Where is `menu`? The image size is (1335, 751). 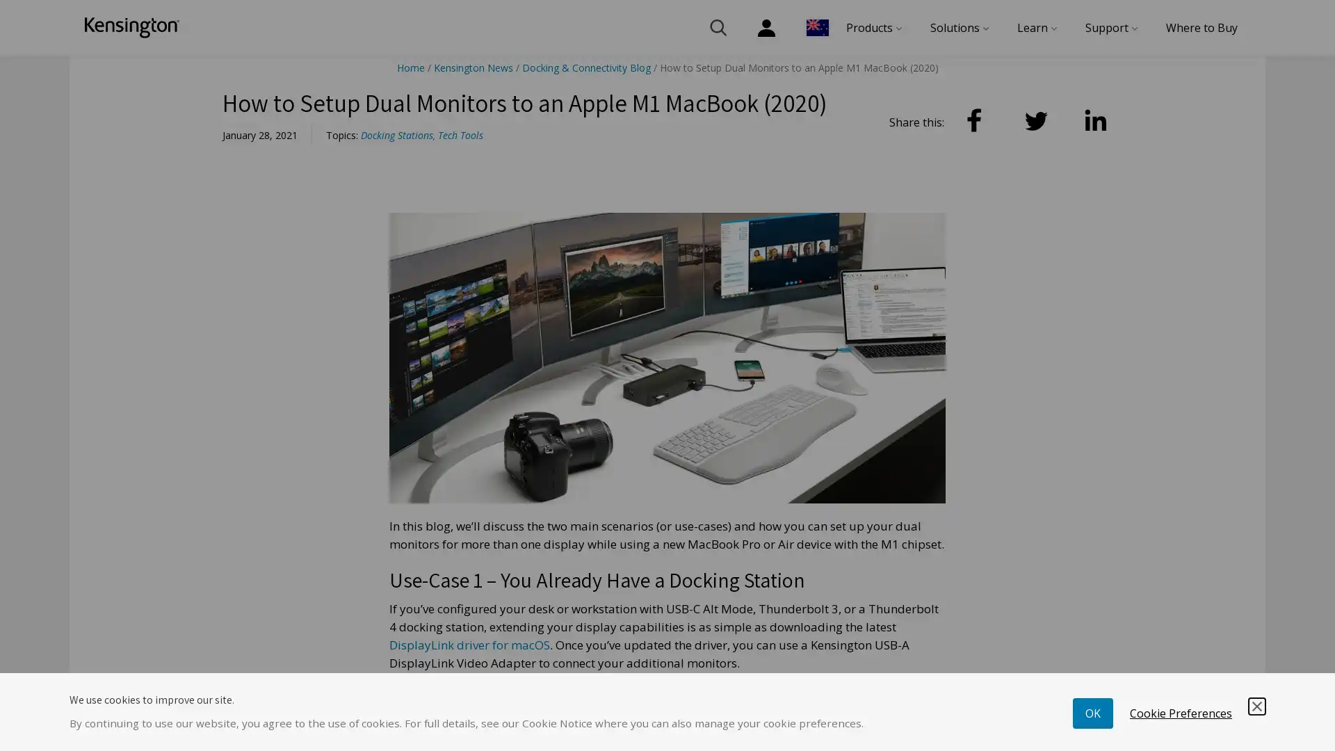
menu is located at coordinates (1135, 27).